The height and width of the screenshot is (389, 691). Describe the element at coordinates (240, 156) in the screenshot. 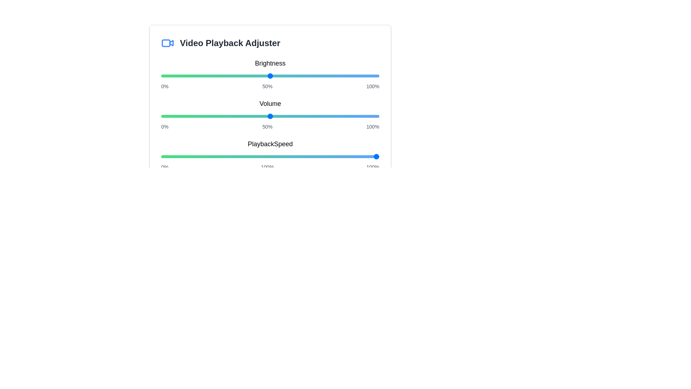

I see `the playback speed slider to 36%` at that location.